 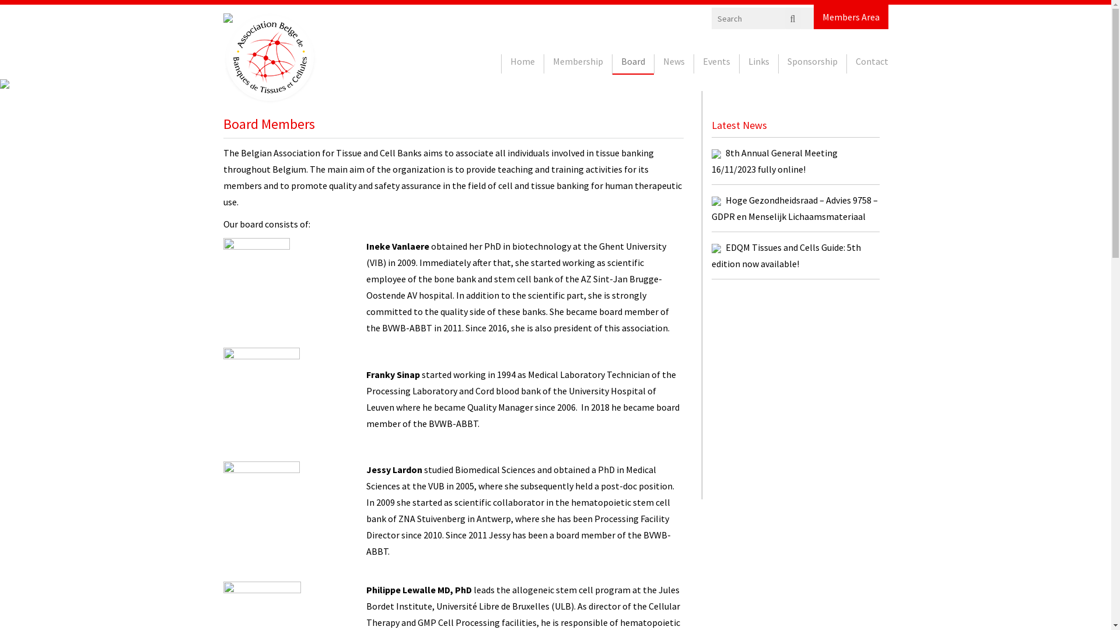 I want to click on 'Home', so click(x=522, y=64).